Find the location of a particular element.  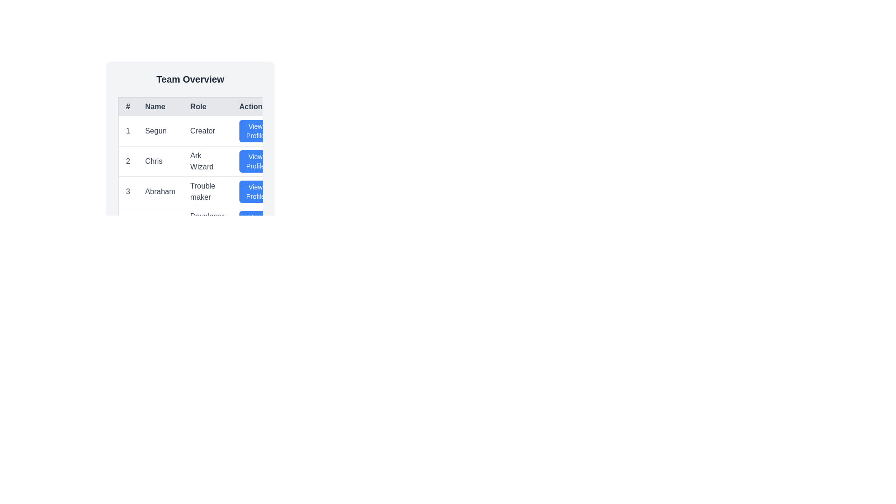

the 'View Profile' button in the fourth table row, which contains '4' in the # column, 'Esther' in the Name column, and 'Developer Advocate' in the Role column is located at coordinates (203, 222).